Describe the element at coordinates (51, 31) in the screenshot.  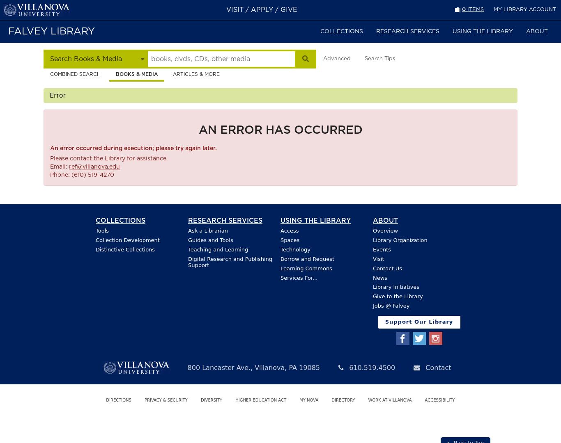
I see `'Falvey Library'` at that location.